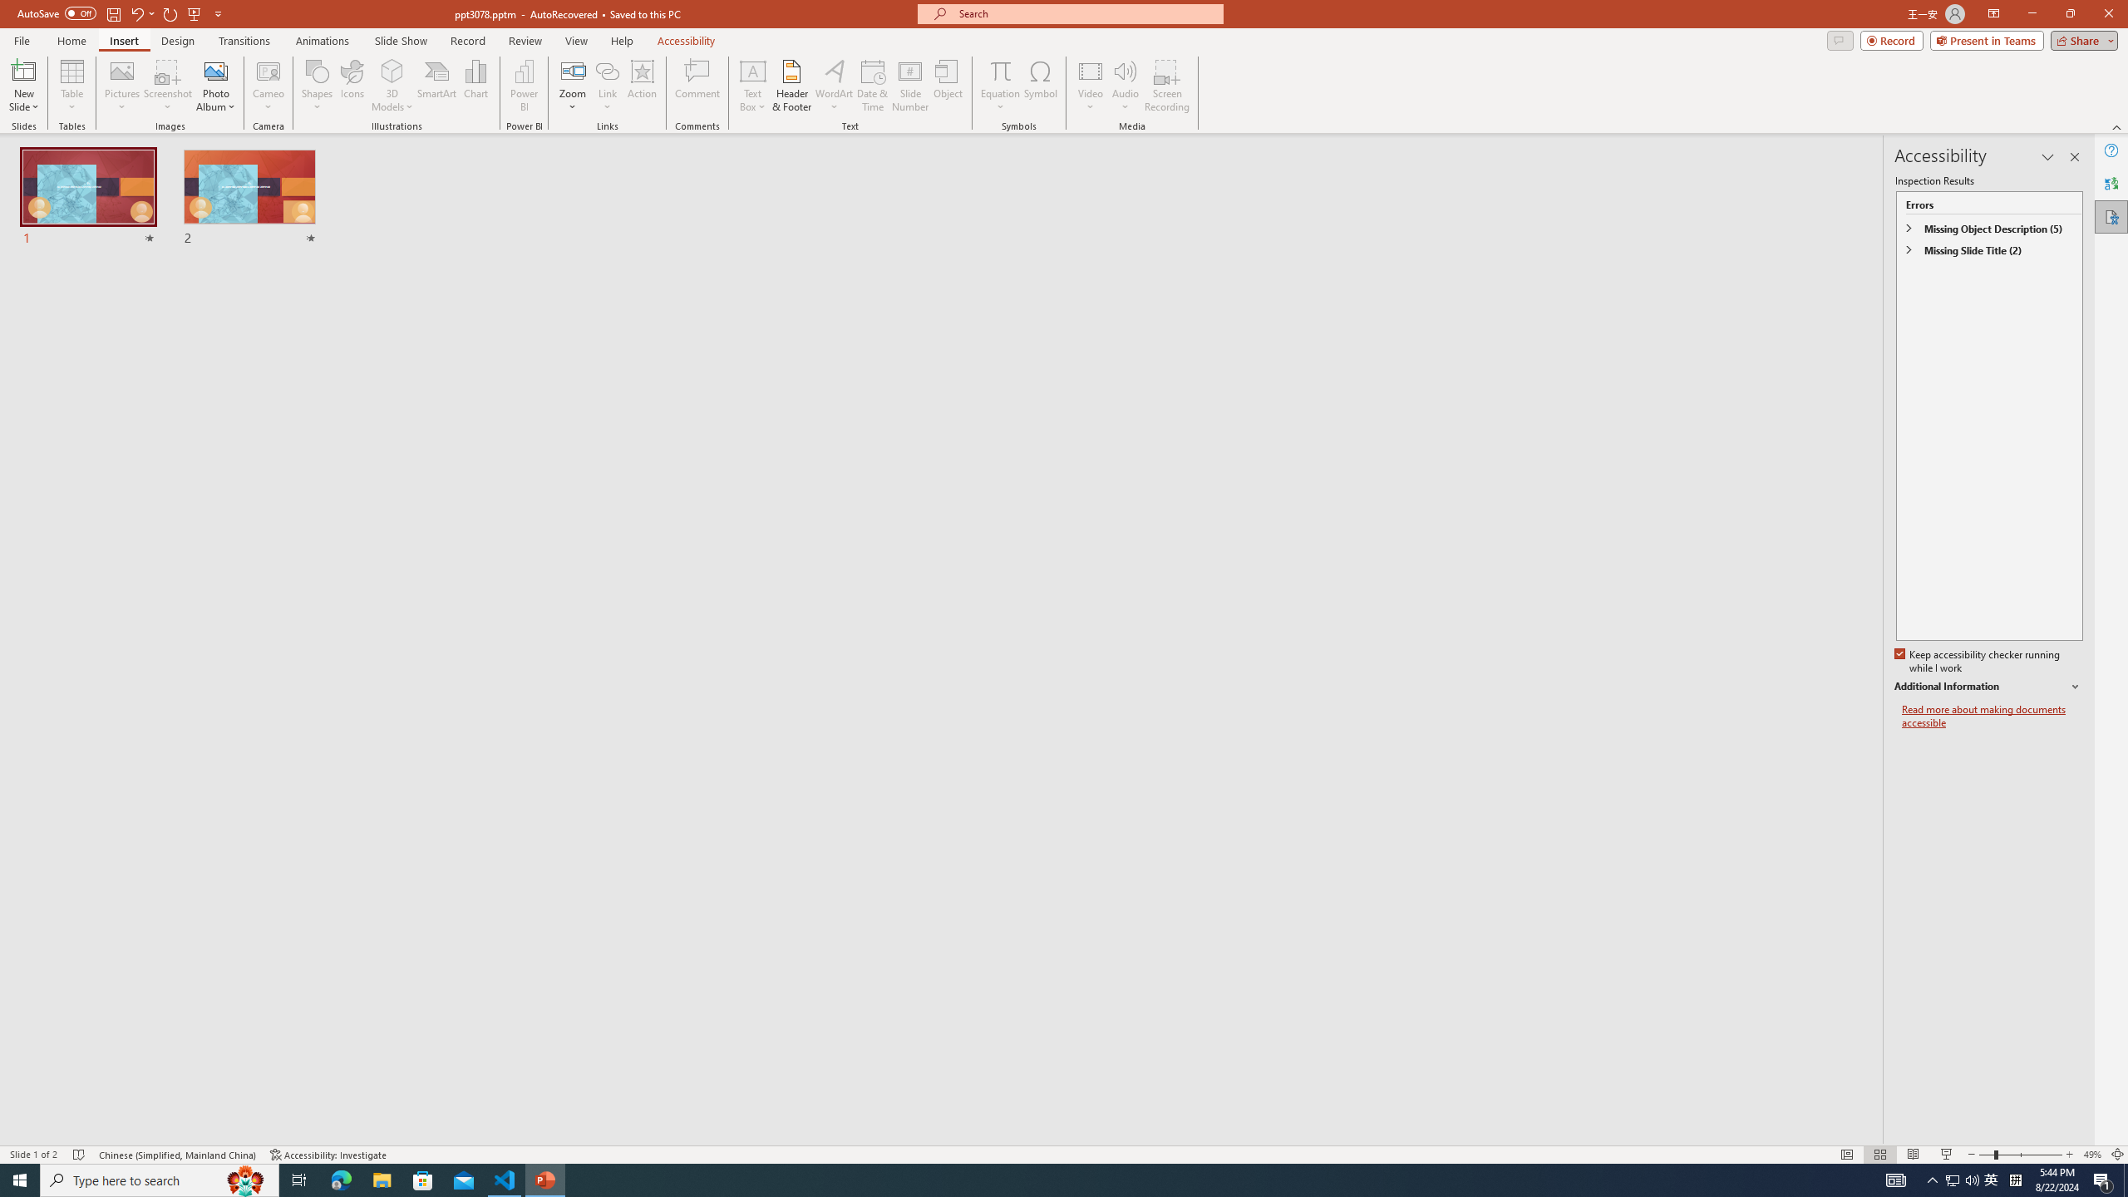  Describe the element at coordinates (1988, 687) in the screenshot. I see `'Additional Information'` at that location.